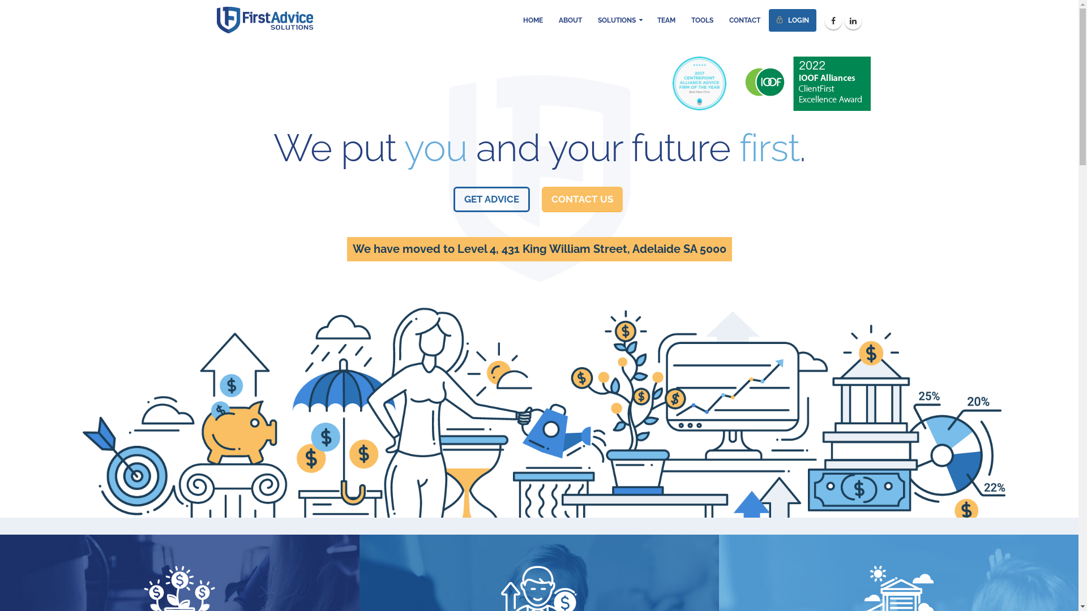 The width and height of the screenshot is (1087, 611). What do you see at coordinates (701, 20) in the screenshot?
I see `'TOOLS'` at bounding box center [701, 20].